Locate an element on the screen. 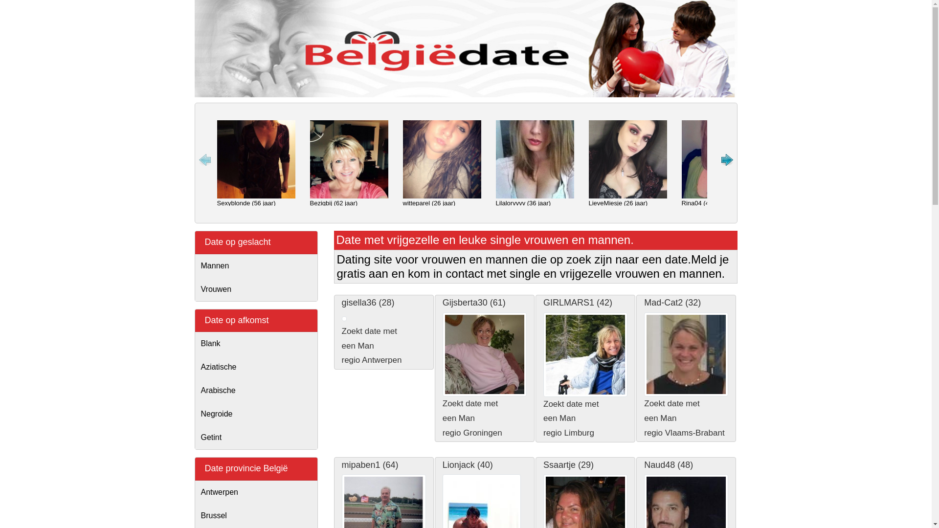 This screenshot has height=528, width=939. 'Blank' is located at coordinates (256, 343).